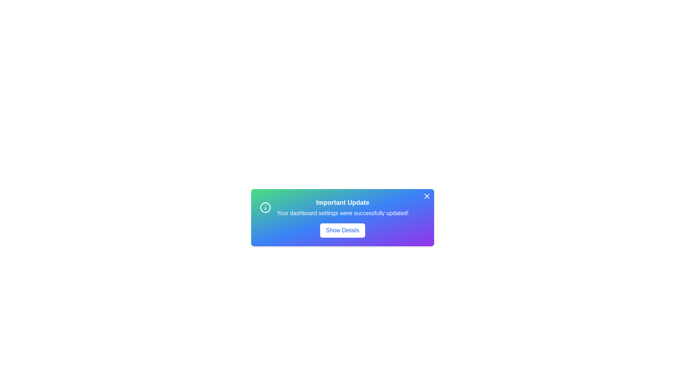  I want to click on the 'Show Details' button to toggle the visibility of additional details, so click(342, 230).